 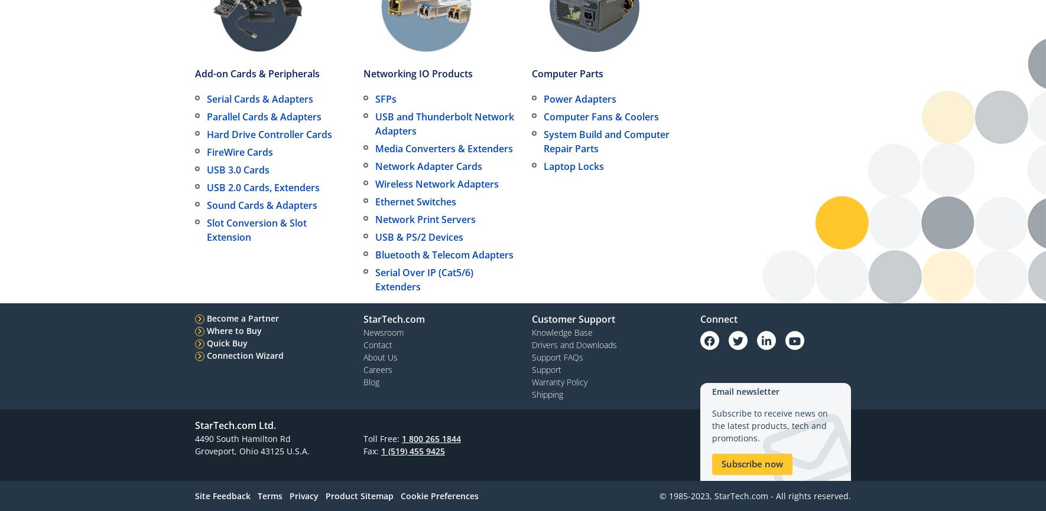 I want to click on 'Drivers and Downloads', so click(x=574, y=344).